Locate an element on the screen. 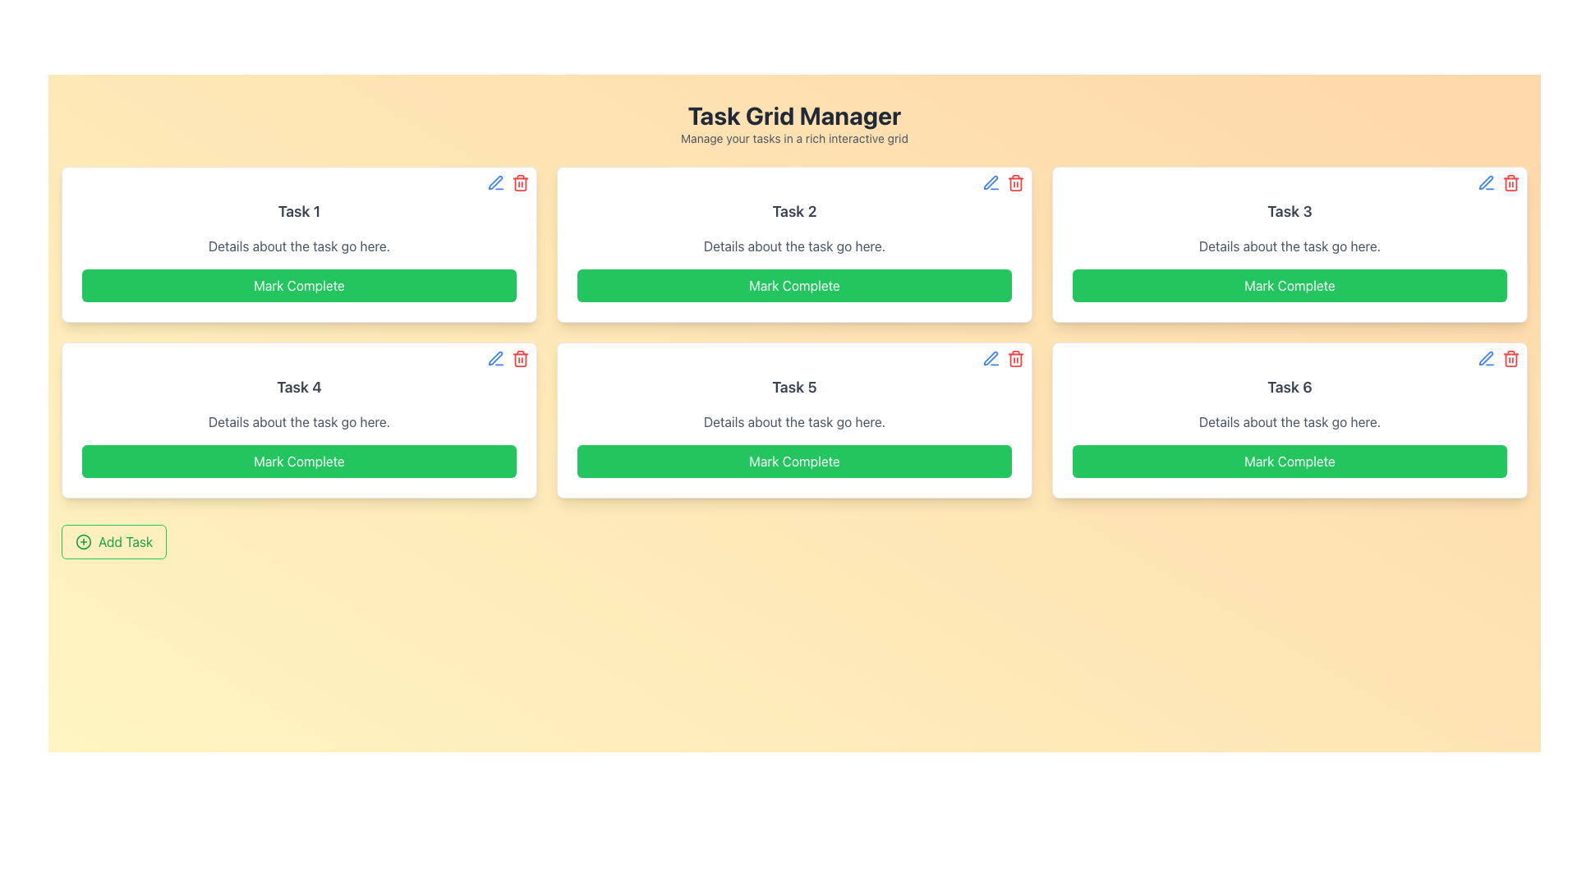 The width and height of the screenshot is (1577, 887). the blue pen icon button representing the edit function located at the top-right corner of the card labeled 'Task 6' is located at coordinates (1486, 357).